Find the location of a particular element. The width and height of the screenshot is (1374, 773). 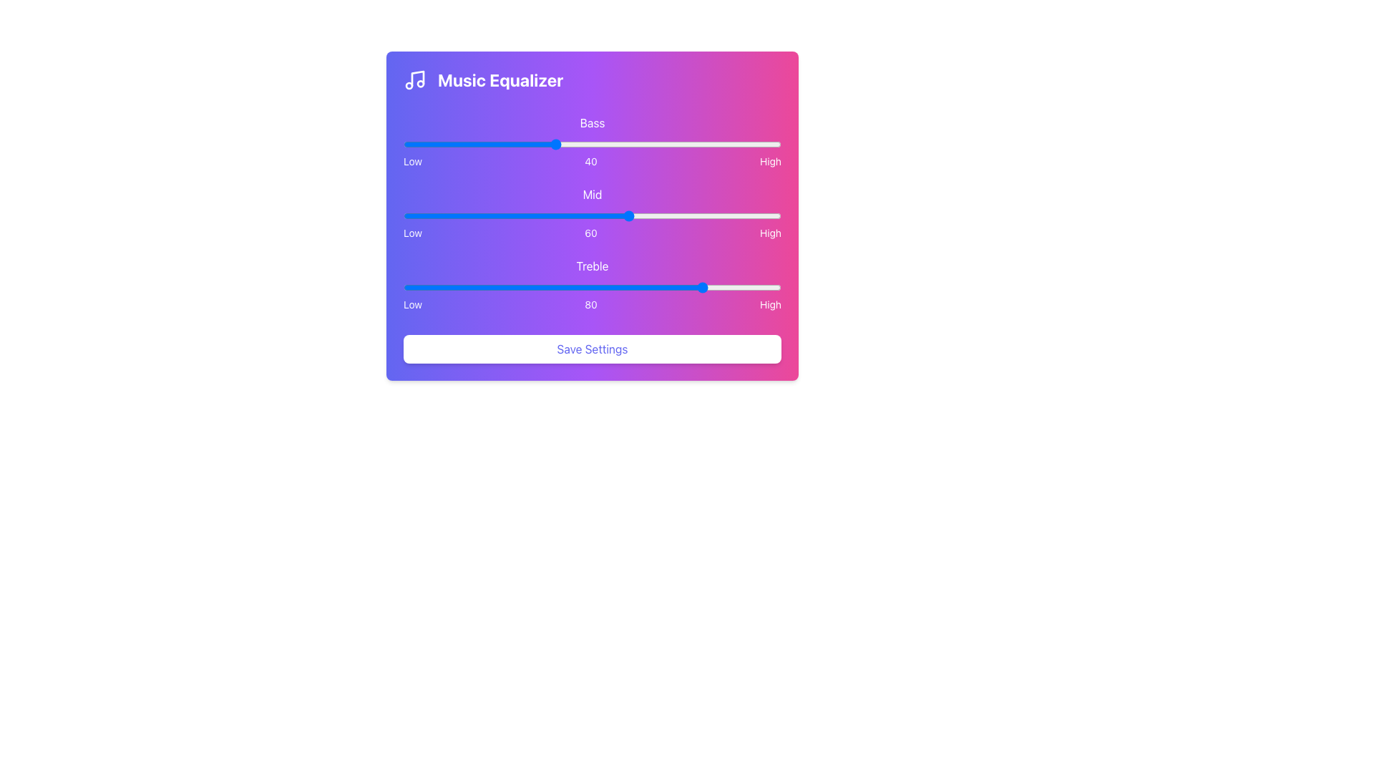

the decorative music icon located to the left of the text 'Music Equalizer', which is non-interactive and serves a visual purpose is located at coordinates (414, 79).